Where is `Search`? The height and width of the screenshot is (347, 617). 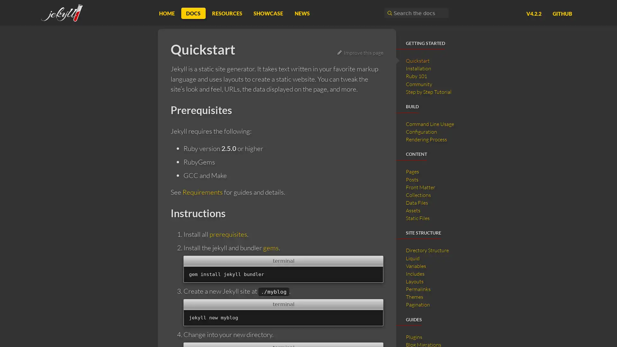 Search is located at coordinates (389, 13).